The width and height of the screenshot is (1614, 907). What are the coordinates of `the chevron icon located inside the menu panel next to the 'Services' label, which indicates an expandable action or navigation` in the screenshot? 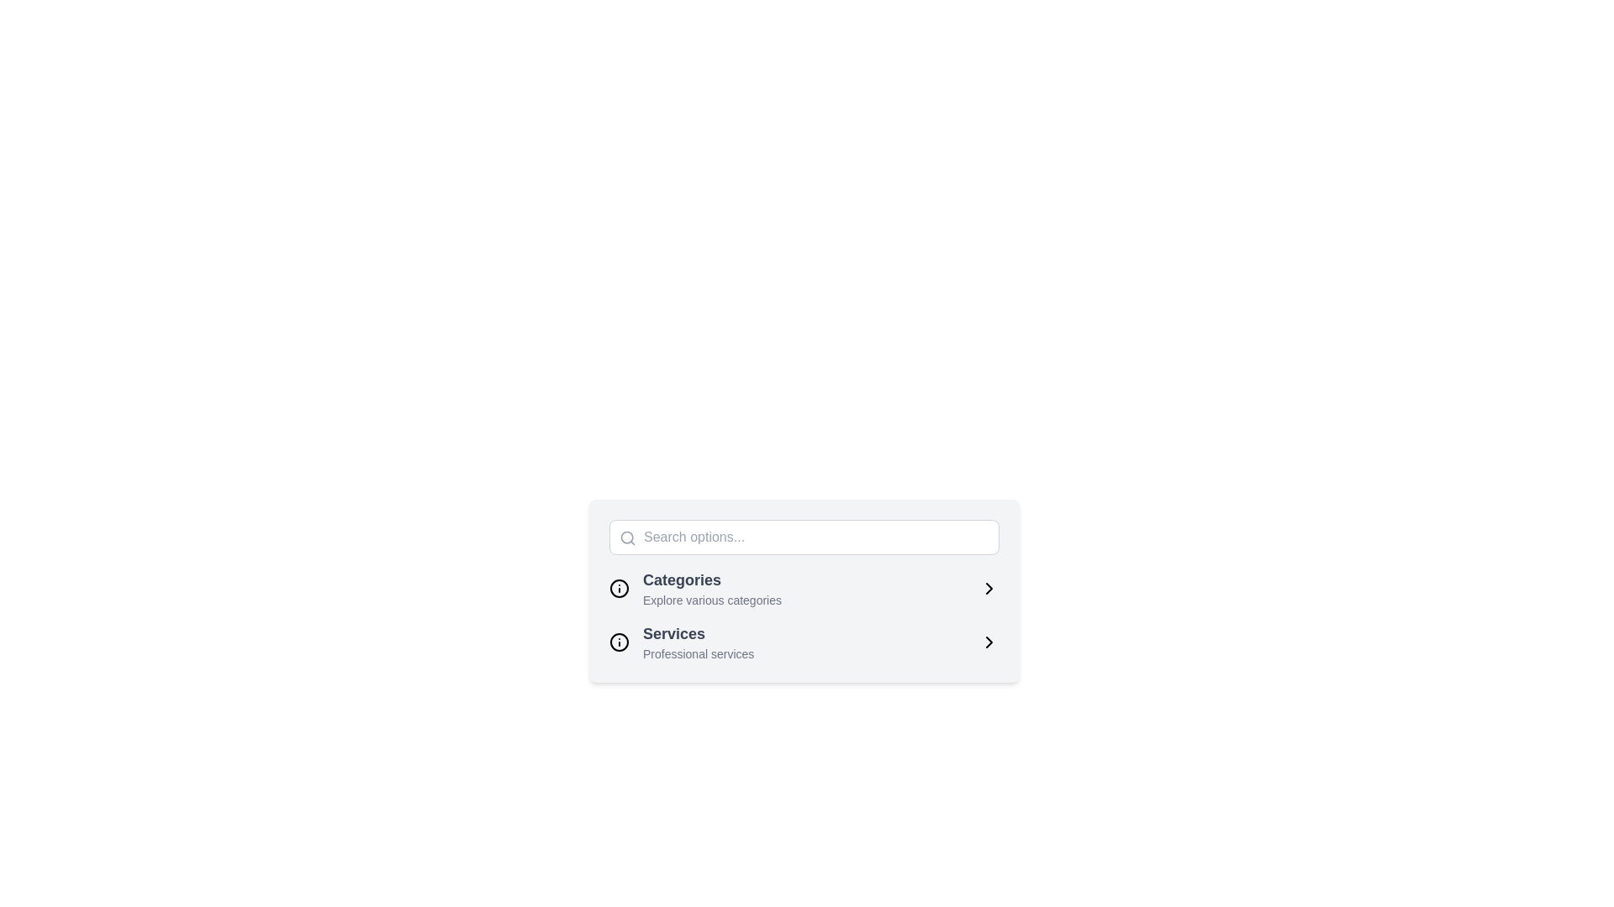 It's located at (989, 642).